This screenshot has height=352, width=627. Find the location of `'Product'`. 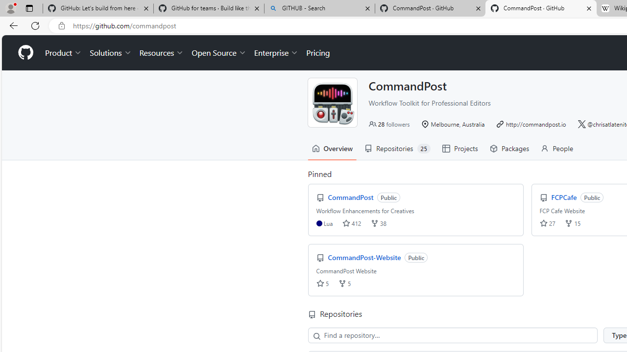

'Product' is located at coordinates (63, 53).